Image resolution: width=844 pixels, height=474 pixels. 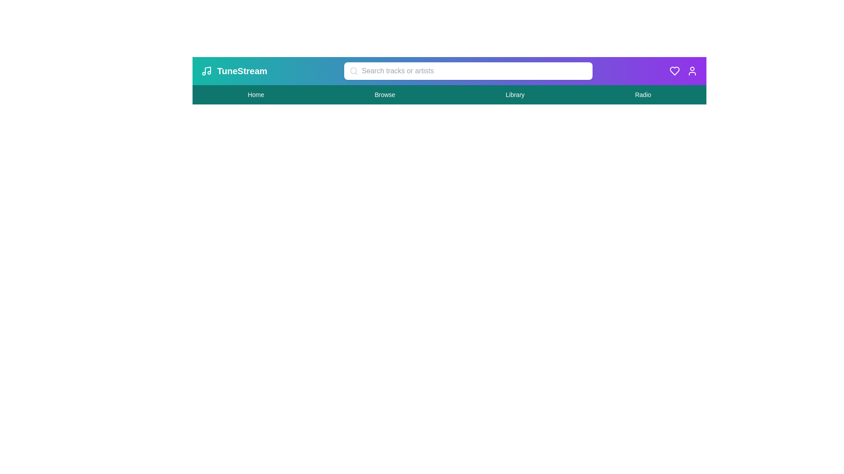 What do you see at coordinates (468, 71) in the screenshot?
I see `the search input field and type the text 'example search'` at bounding box center [468, 71].